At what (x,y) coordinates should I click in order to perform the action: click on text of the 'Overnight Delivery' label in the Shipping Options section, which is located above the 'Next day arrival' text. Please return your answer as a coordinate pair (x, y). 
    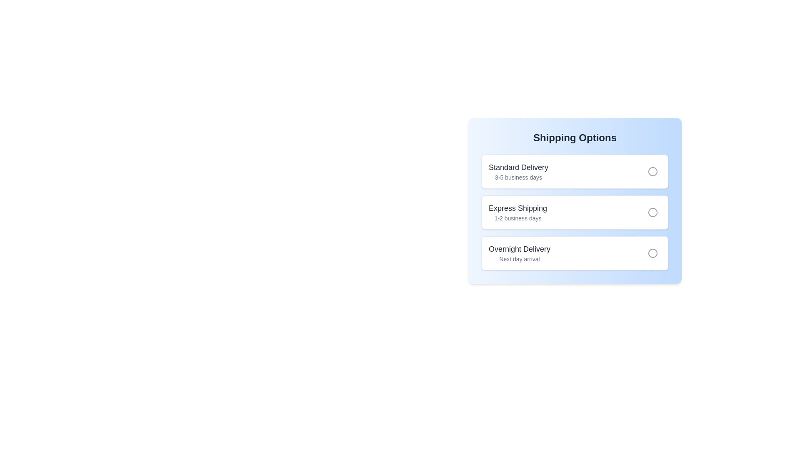
    Looking at the image, I should click on (519, 248).